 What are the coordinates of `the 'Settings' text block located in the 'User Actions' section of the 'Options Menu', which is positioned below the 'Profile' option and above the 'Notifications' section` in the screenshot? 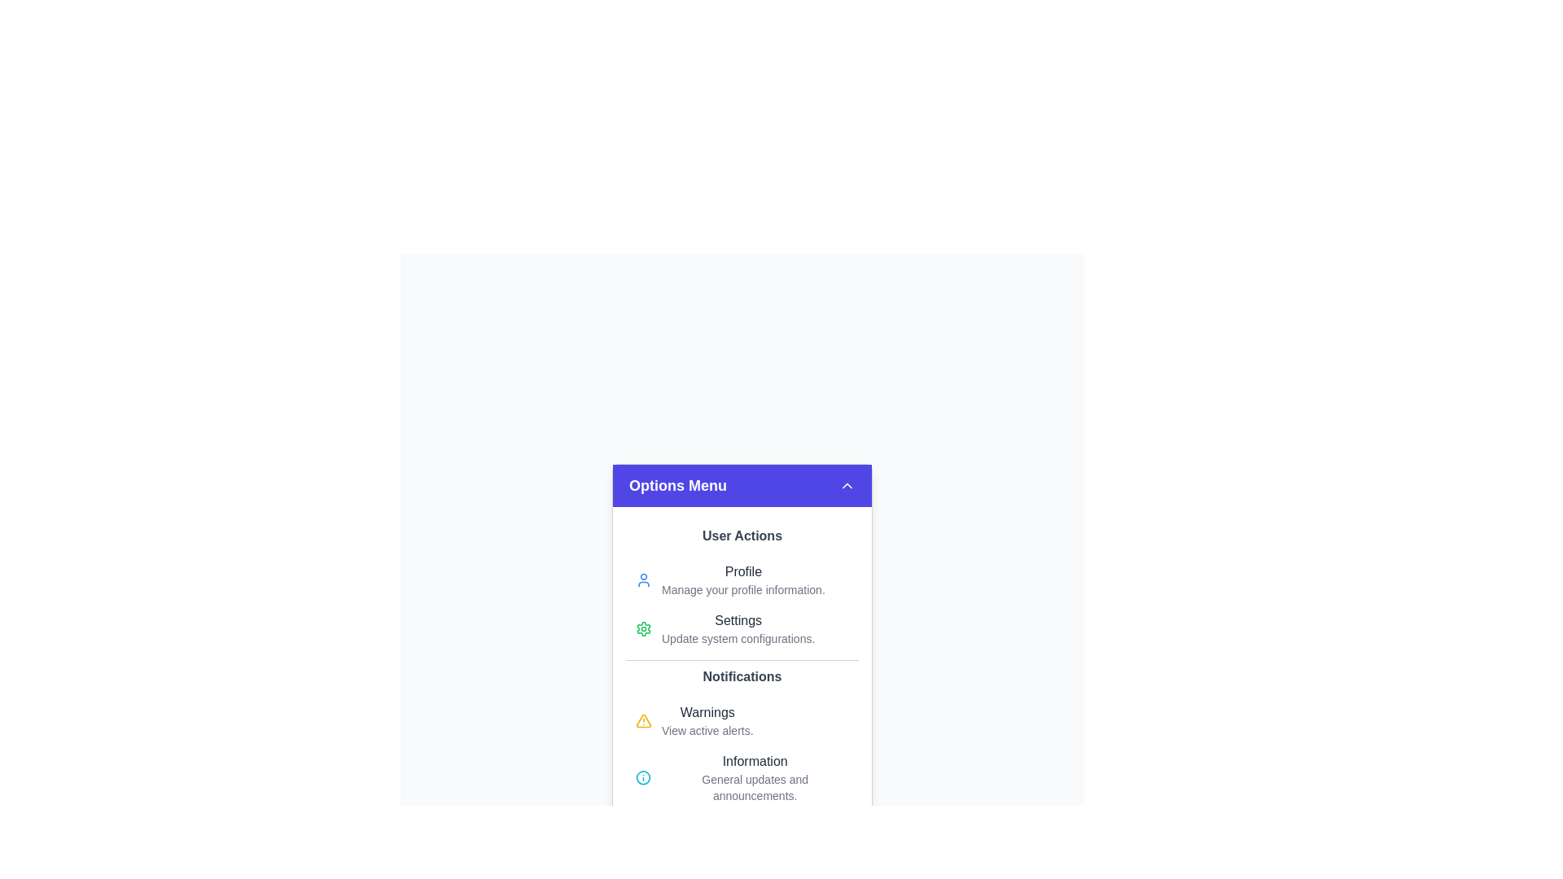 It's located at (738, 628).